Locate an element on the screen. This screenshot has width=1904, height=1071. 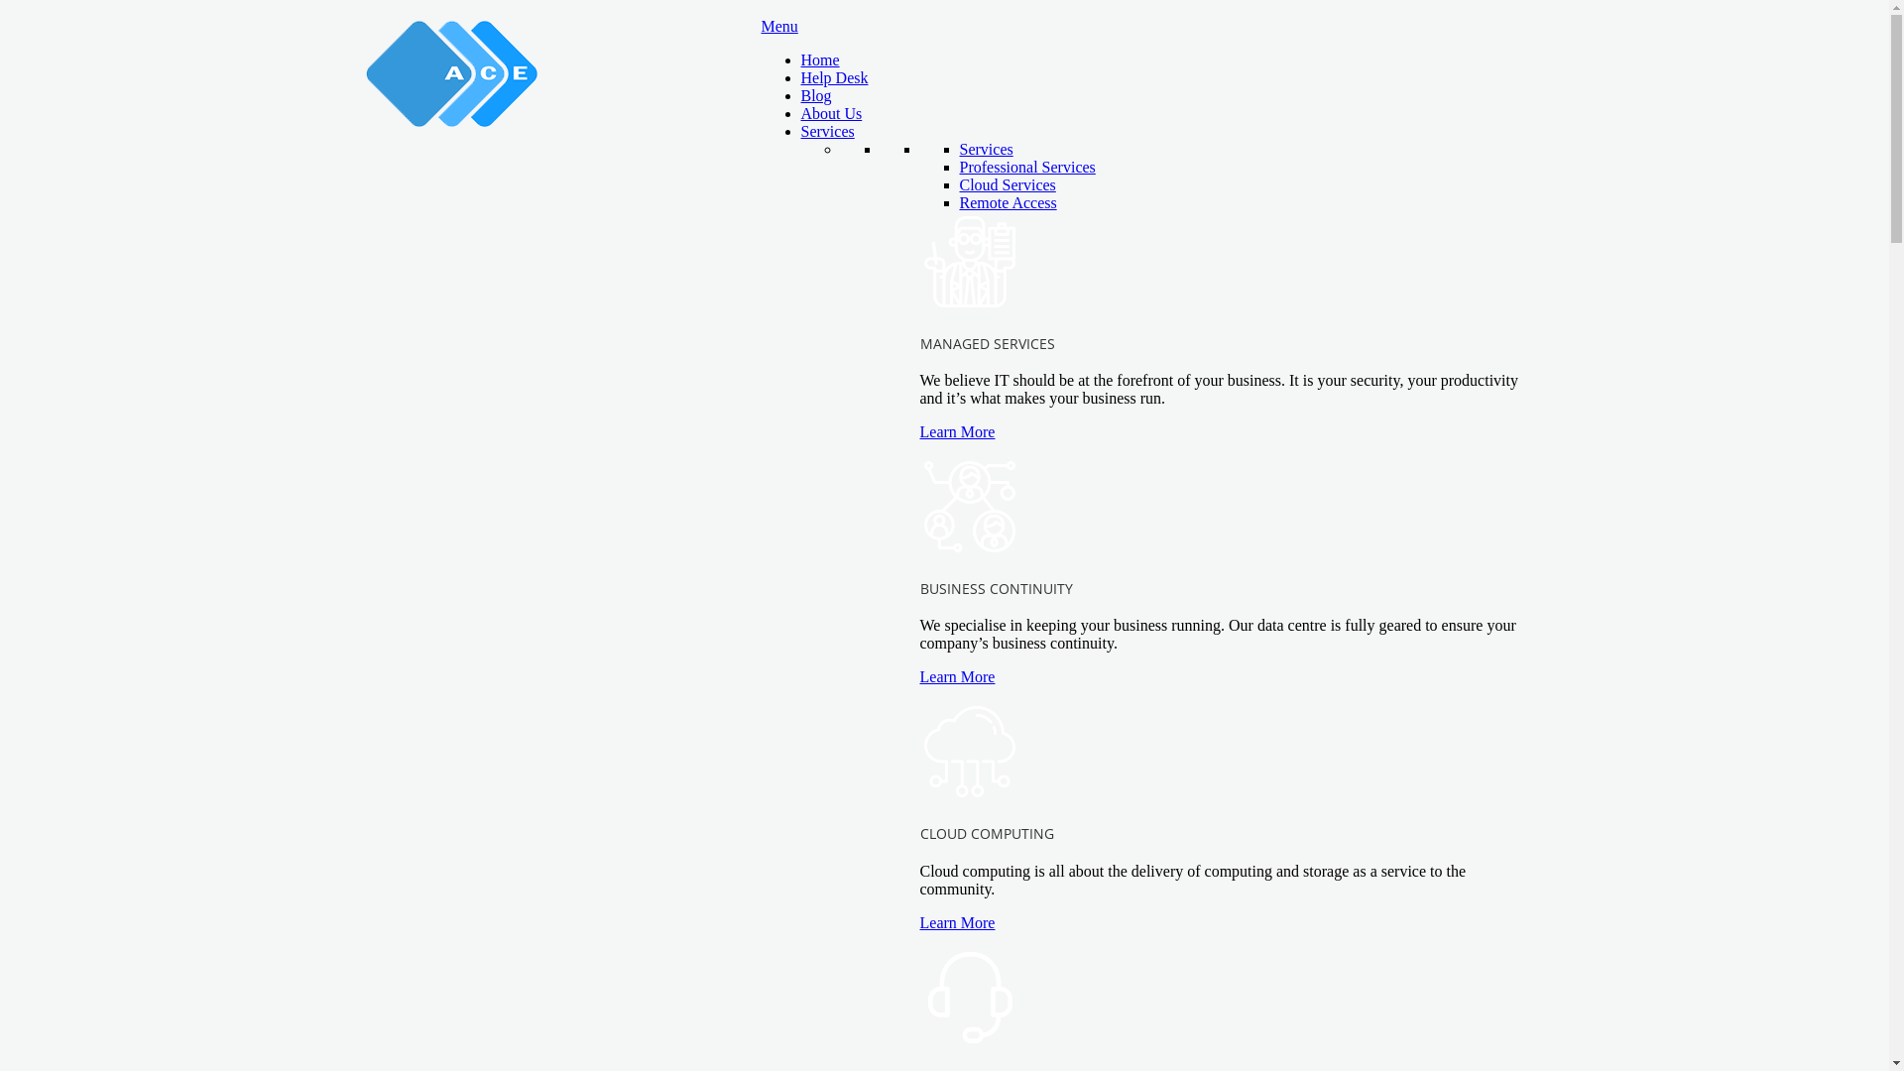
'About Us' is located at coordinates (832, 113).